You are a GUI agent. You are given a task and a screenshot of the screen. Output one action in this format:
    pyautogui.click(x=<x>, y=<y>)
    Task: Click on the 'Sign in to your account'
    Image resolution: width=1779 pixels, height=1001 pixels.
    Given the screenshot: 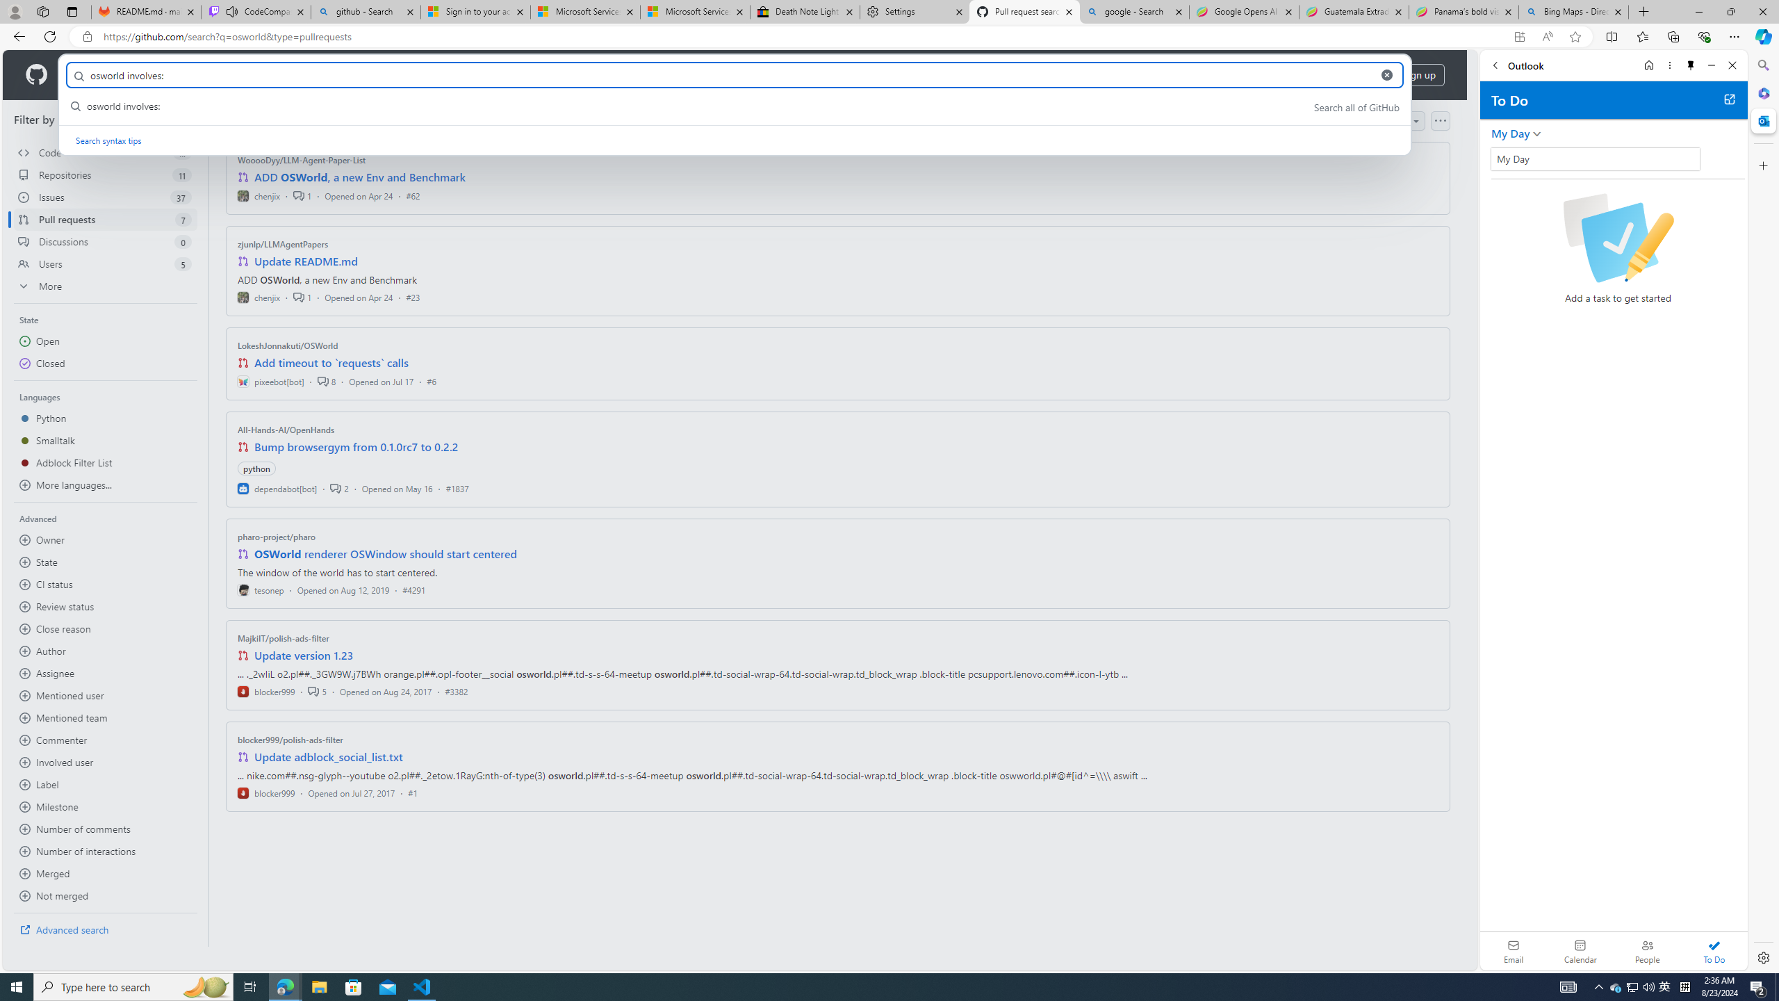 What is the action you would take?
    pyautogui.click(x=475, y=11)
    